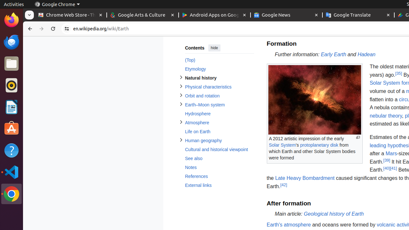 The image size is (409, 230). Describe the element at coordinates (288, 224) in the screenshot. I see `'Earth'` at that location.